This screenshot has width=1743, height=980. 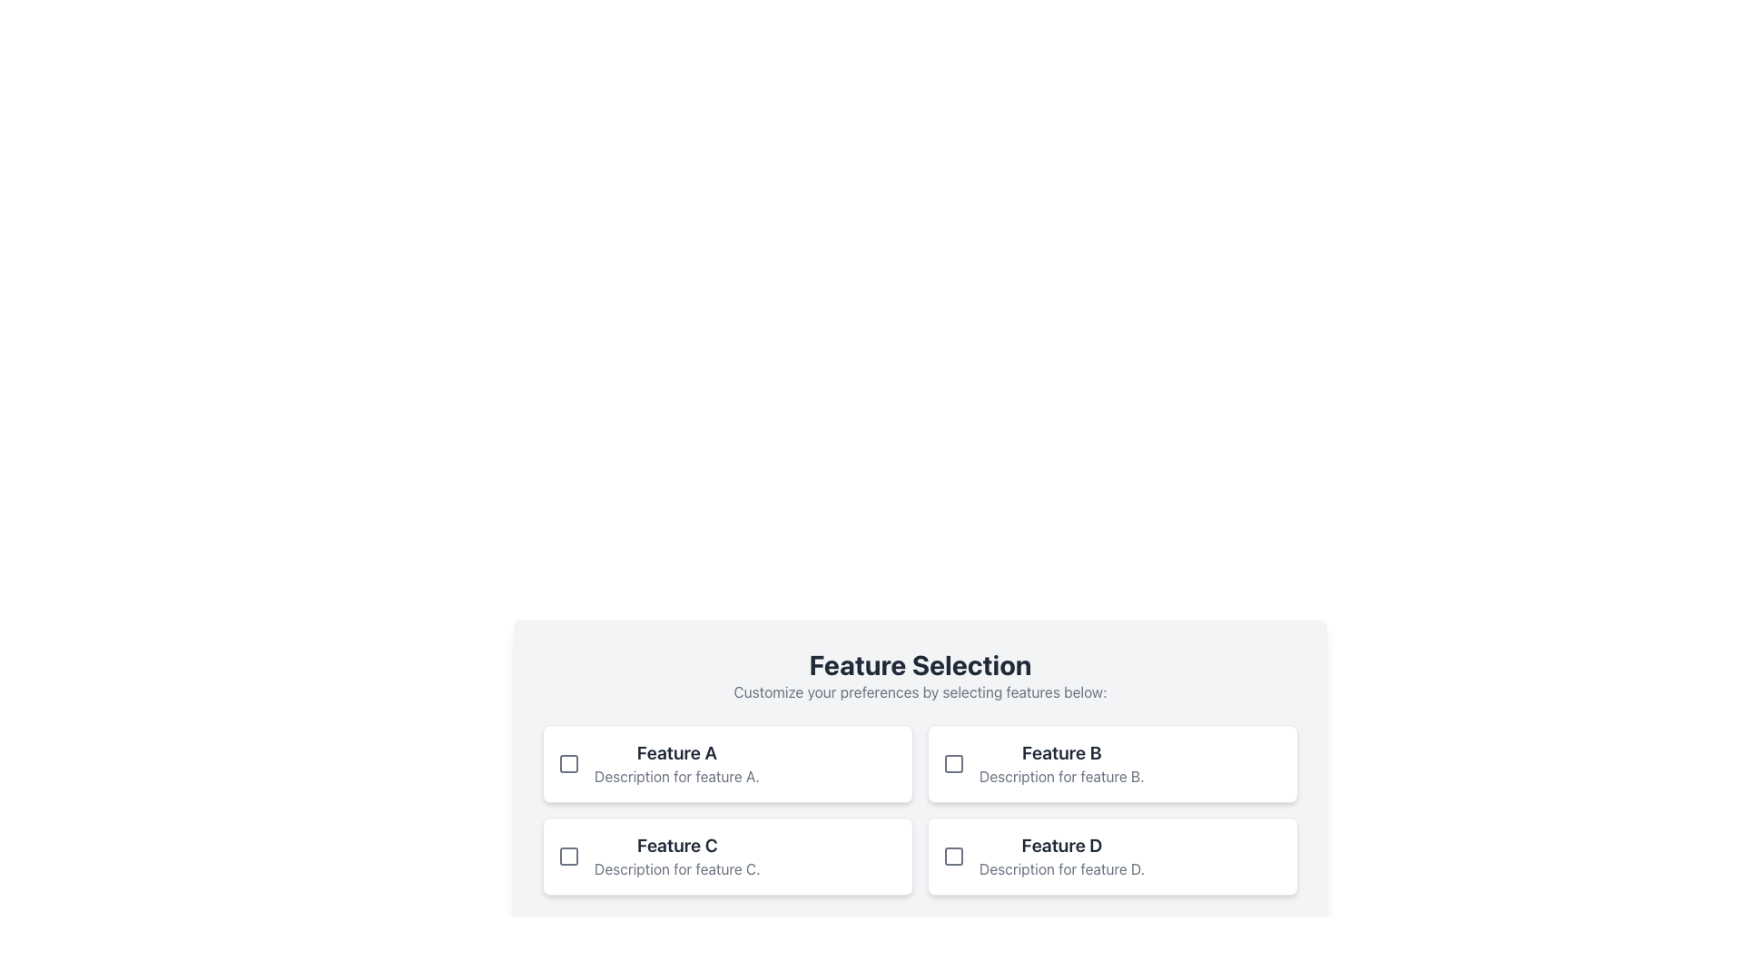 What do you see at coordinates (953, 763) in the screenshot?
I see `the Checkbox indicator for 'Feature B'` at bounding box center [953, 763].